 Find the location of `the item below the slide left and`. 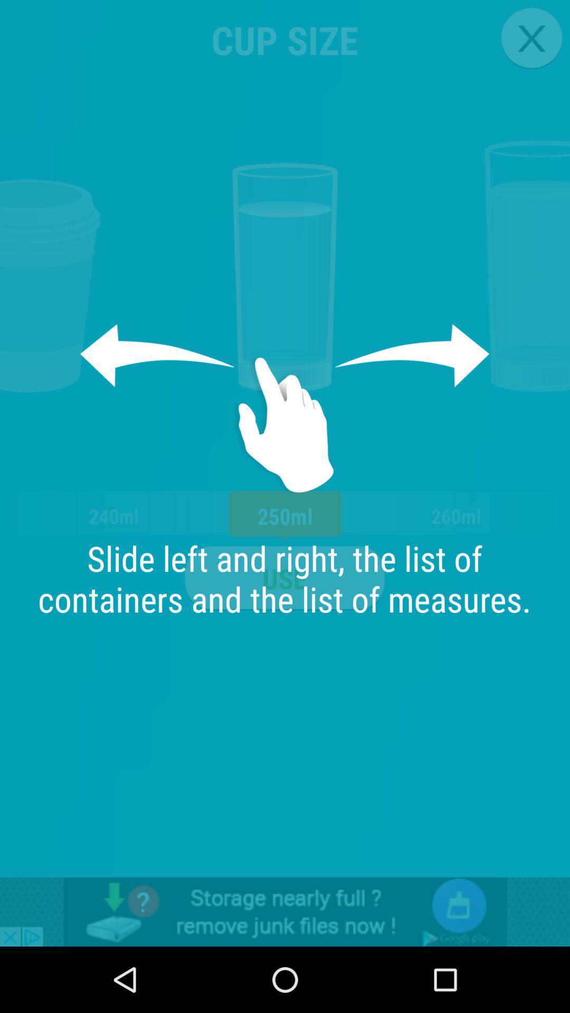

the item below the slide left and is located at coordinates (285, 911).